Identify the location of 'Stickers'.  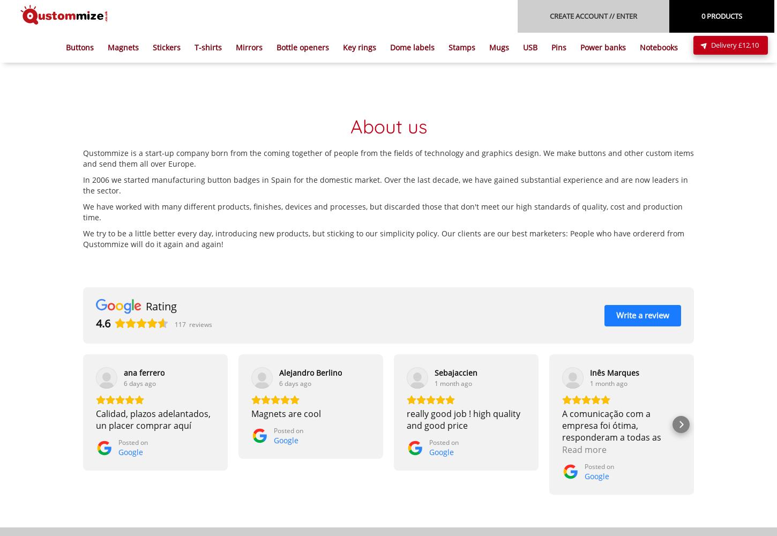
(167, 47).